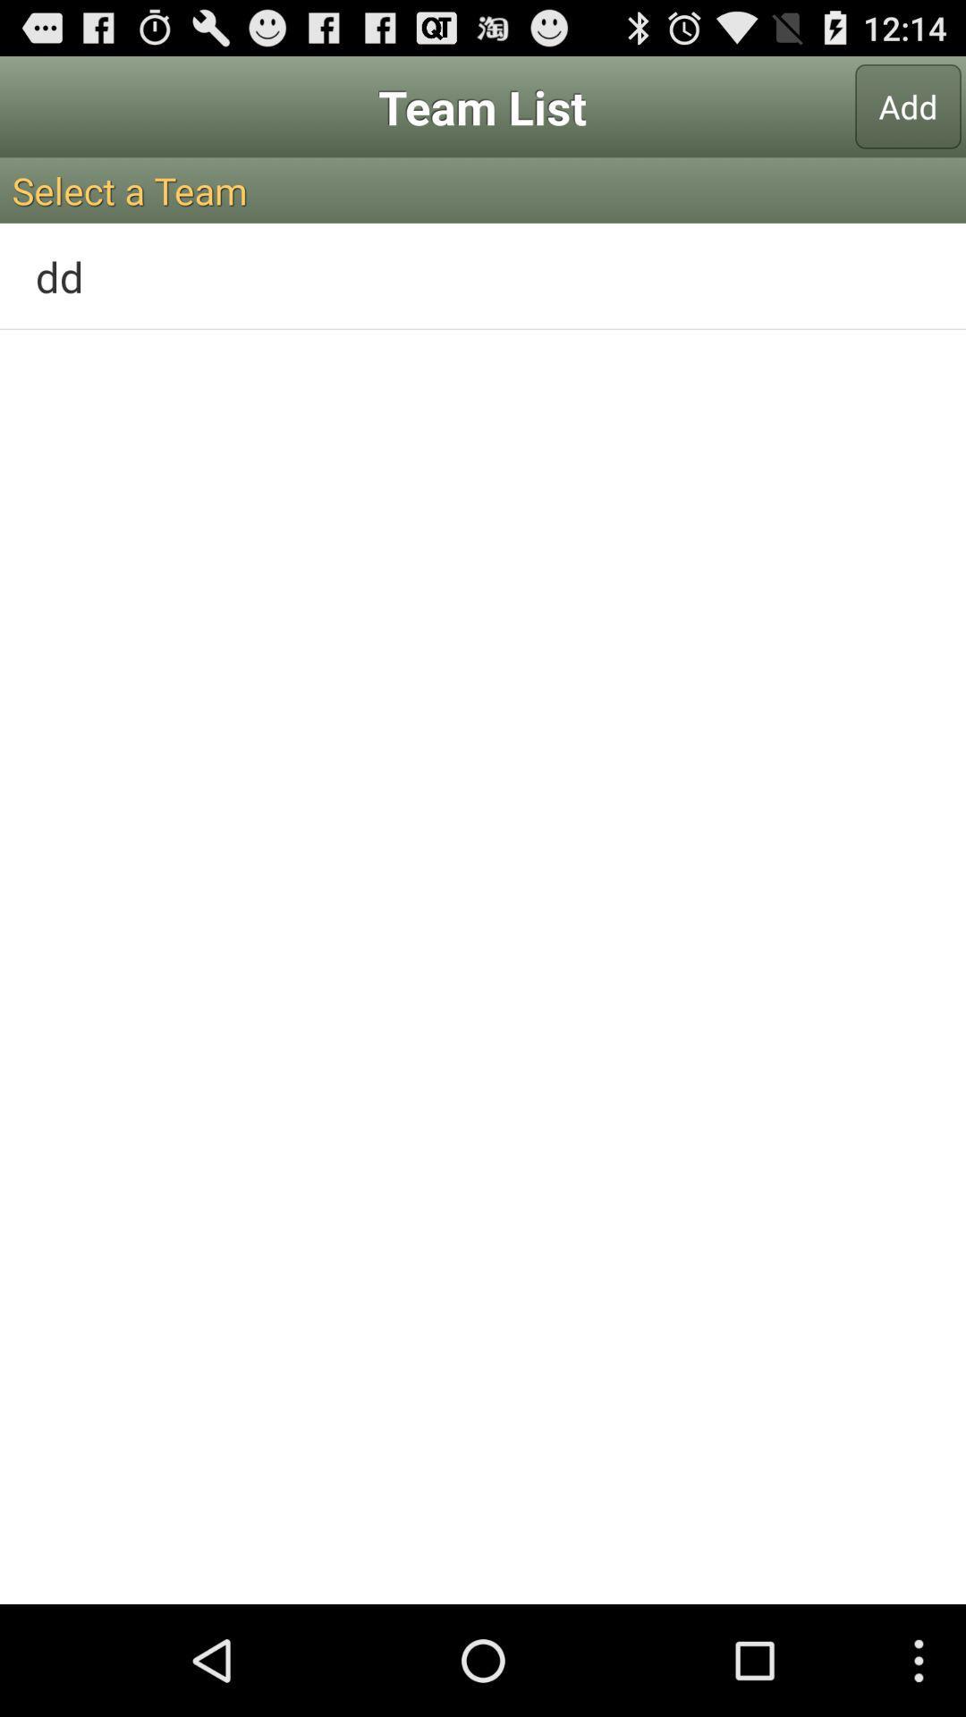 This screenshot has height=1717, width=966. Describe the element at coordinates (483, 275) in the screenshot. I see `the dd` at that location.